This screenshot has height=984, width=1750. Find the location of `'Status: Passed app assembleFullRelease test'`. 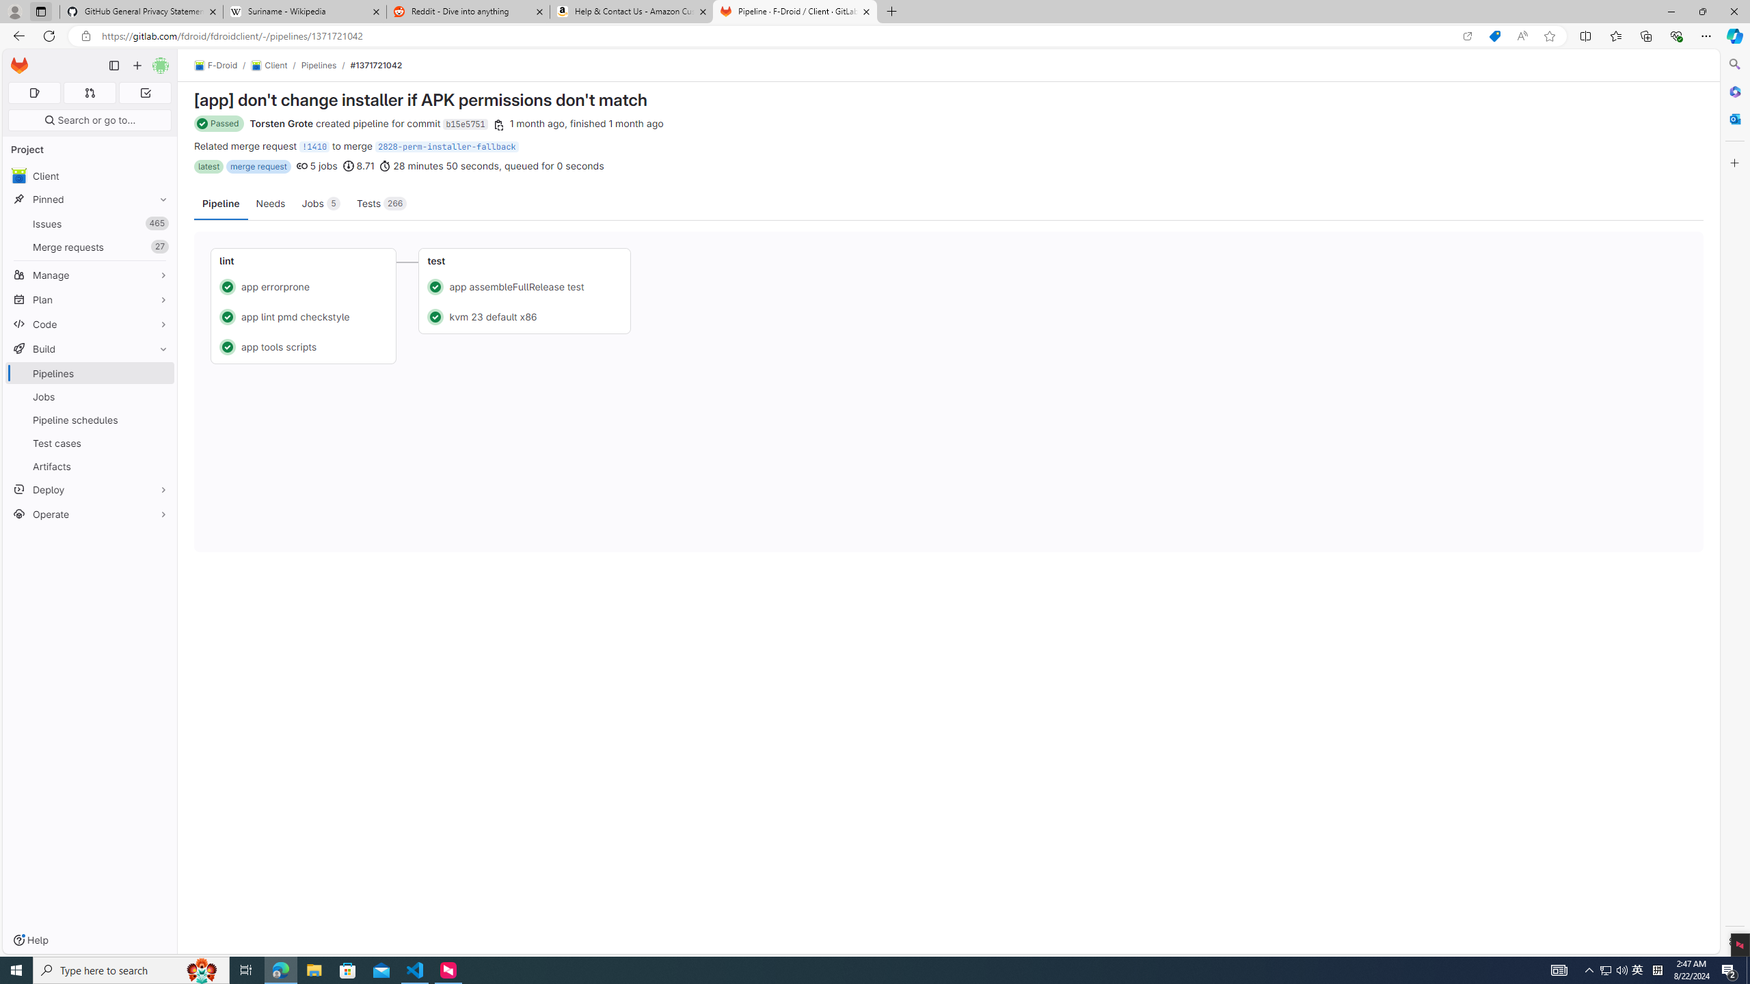

'Status: Passed app assembleFullRelease test' is located at coordinates (524, 286).